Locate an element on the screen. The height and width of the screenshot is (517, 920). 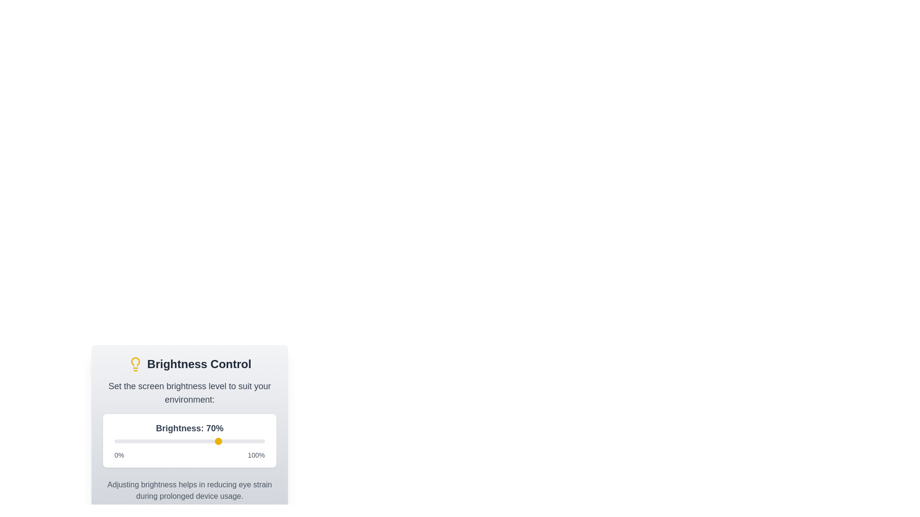
the title text 'Brightness Control' to interact with it is located at coordinates (189, 364).